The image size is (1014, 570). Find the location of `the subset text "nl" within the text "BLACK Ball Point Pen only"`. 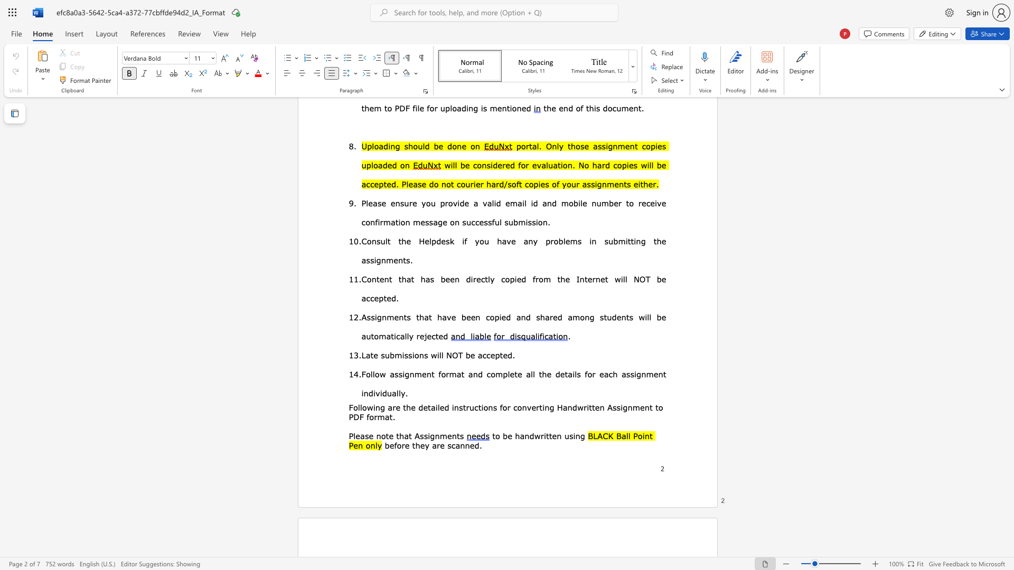

the subset text "nl" within the text "BLACK Ball Point Pen only" is located at coordinates (370, 445).